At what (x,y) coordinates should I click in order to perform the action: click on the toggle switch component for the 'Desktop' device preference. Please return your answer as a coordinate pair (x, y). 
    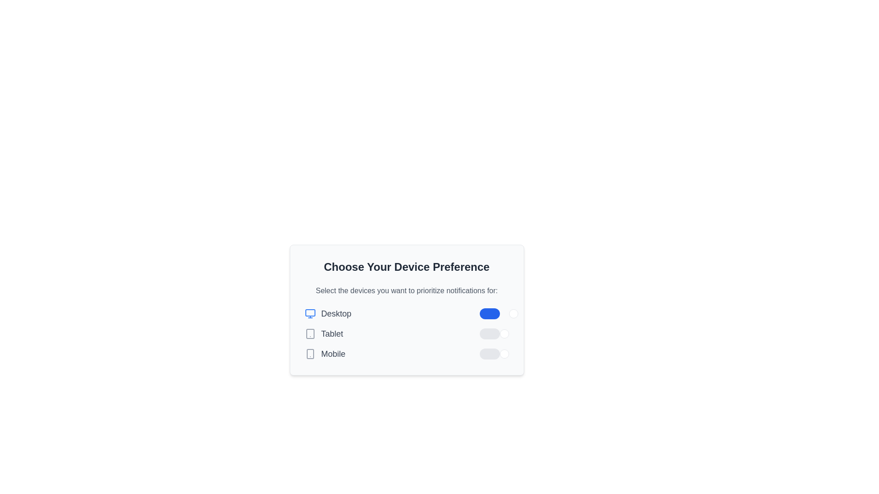
    Looking at the image, I should click on (406, 313).